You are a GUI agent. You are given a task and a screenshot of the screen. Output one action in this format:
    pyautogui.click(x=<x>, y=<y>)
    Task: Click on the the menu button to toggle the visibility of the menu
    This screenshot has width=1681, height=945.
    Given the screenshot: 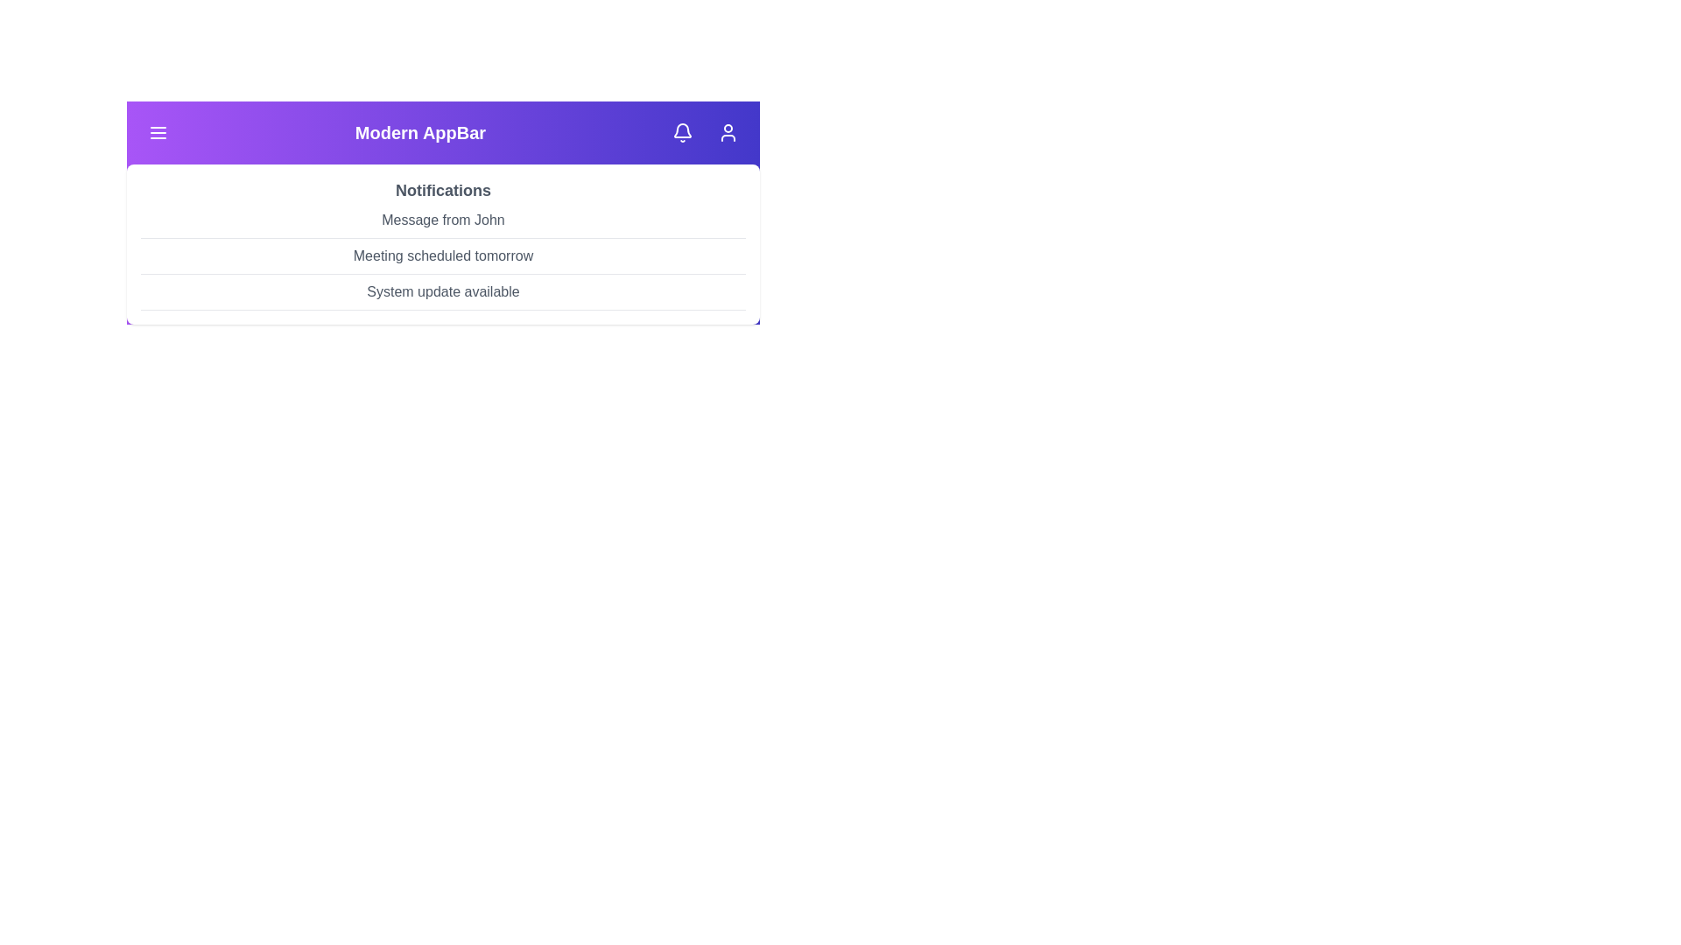 What is the action you would take?
    pyautogui.click(x=158, y=131)
    